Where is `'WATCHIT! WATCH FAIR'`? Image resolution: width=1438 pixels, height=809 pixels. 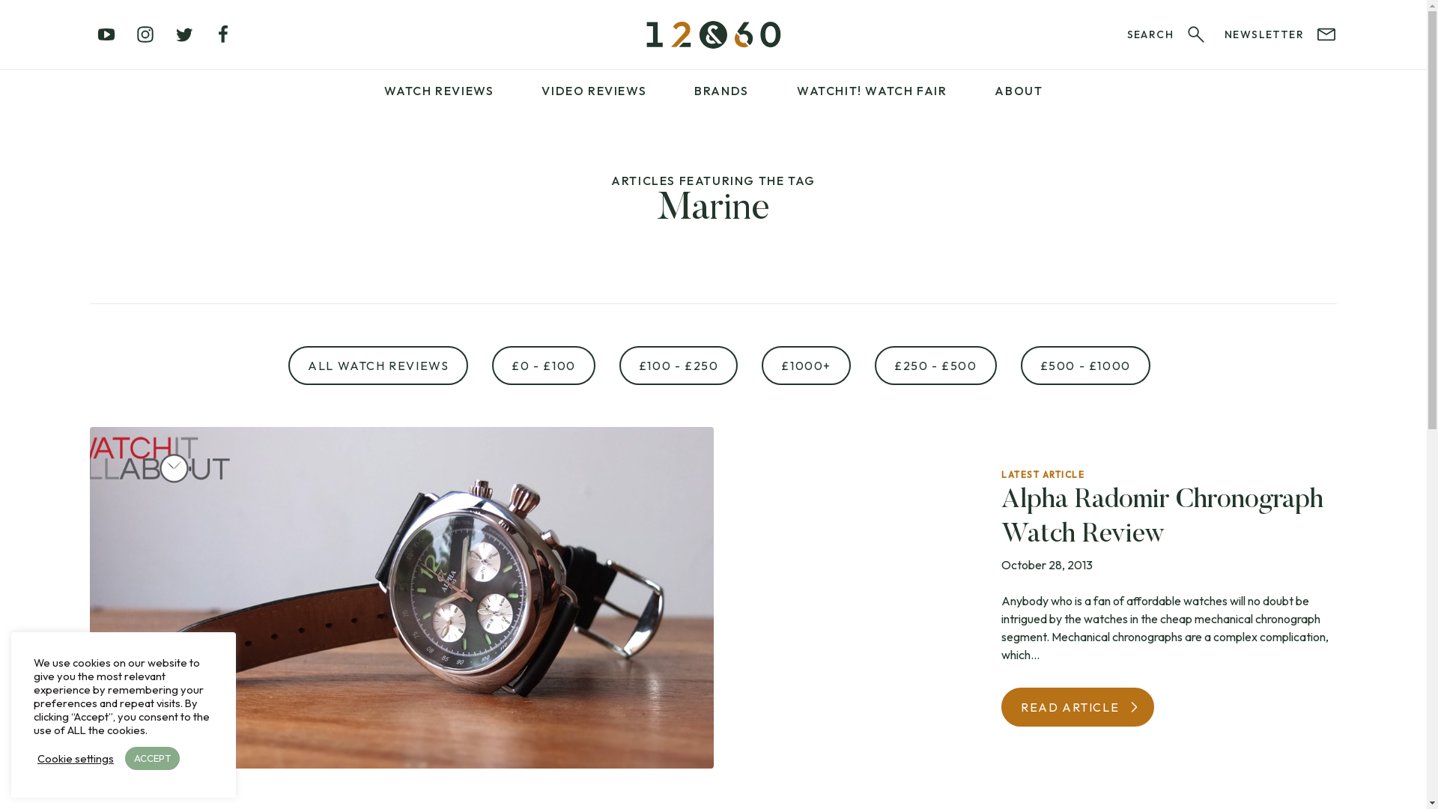
'WATCHIT! WATCH FAIR' is located at coordinates (871, 90).